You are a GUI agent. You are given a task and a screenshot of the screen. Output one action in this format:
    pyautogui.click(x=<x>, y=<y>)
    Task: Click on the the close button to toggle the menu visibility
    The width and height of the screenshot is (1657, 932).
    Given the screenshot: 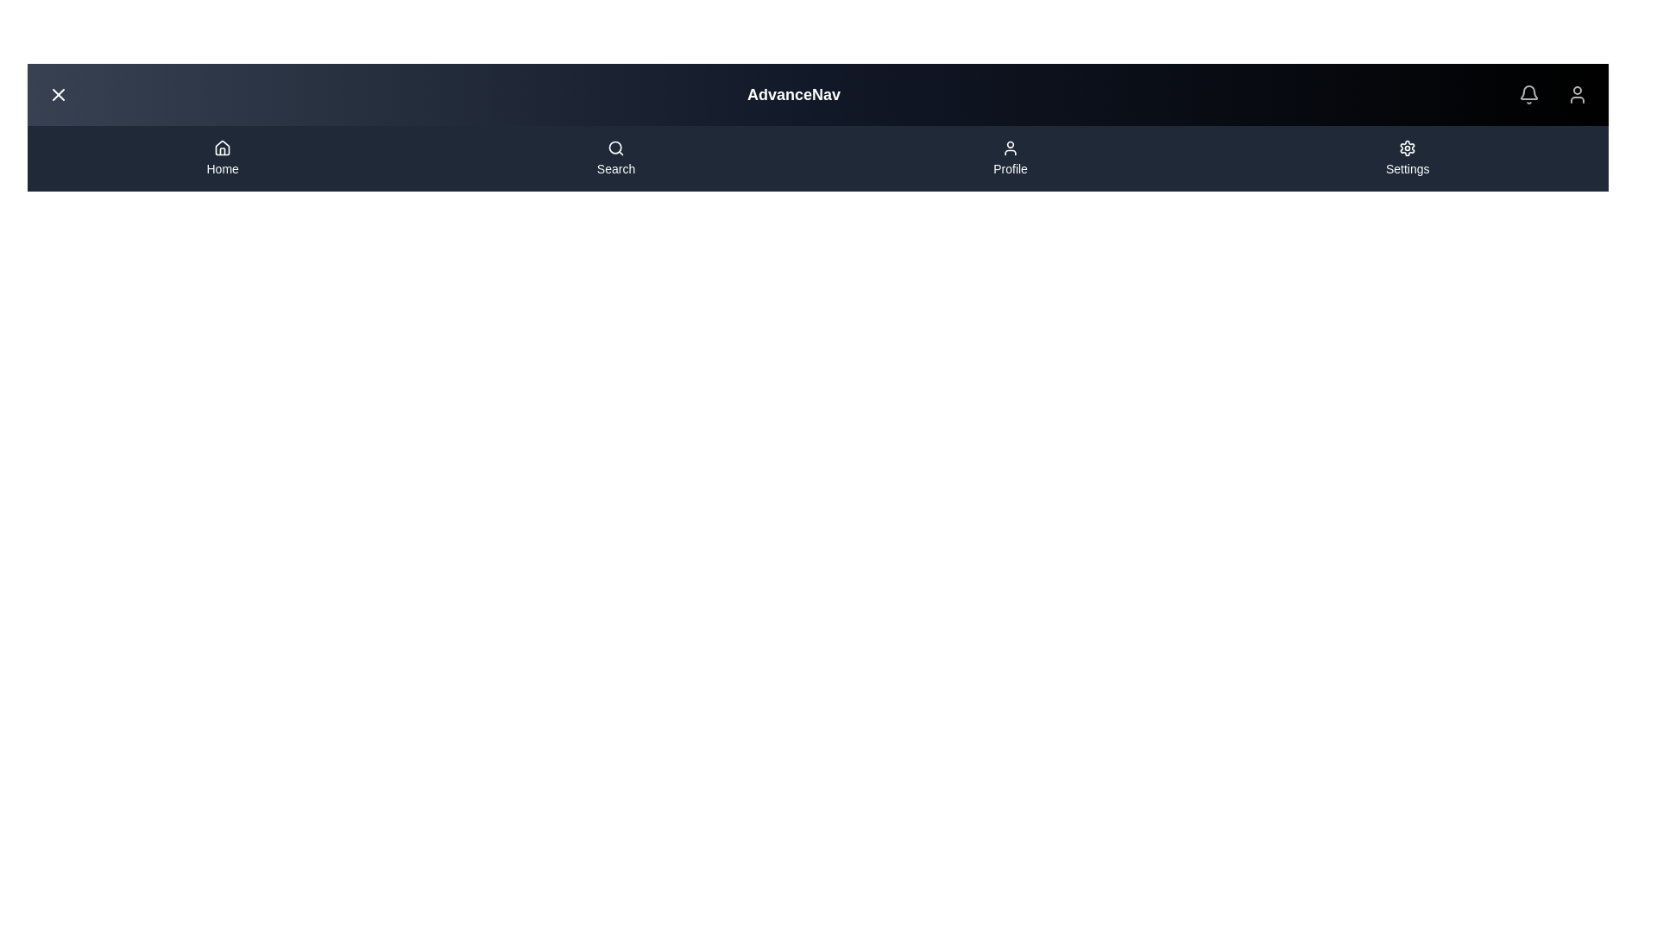 What is the action you would take?
    pyautogui.click(x=58, y=95)
    